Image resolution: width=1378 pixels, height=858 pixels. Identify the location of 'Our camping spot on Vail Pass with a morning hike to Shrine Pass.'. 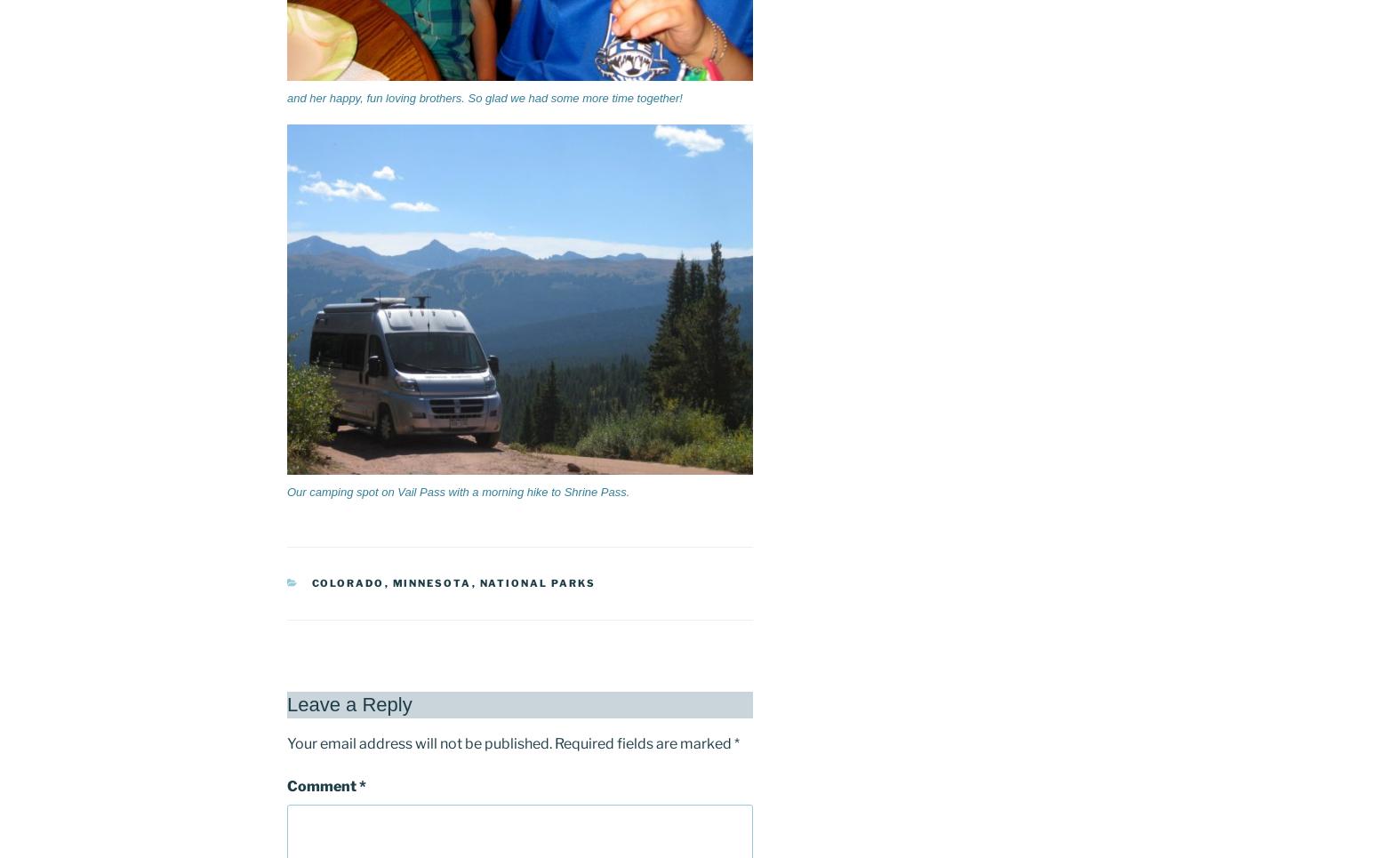
(457, 491).